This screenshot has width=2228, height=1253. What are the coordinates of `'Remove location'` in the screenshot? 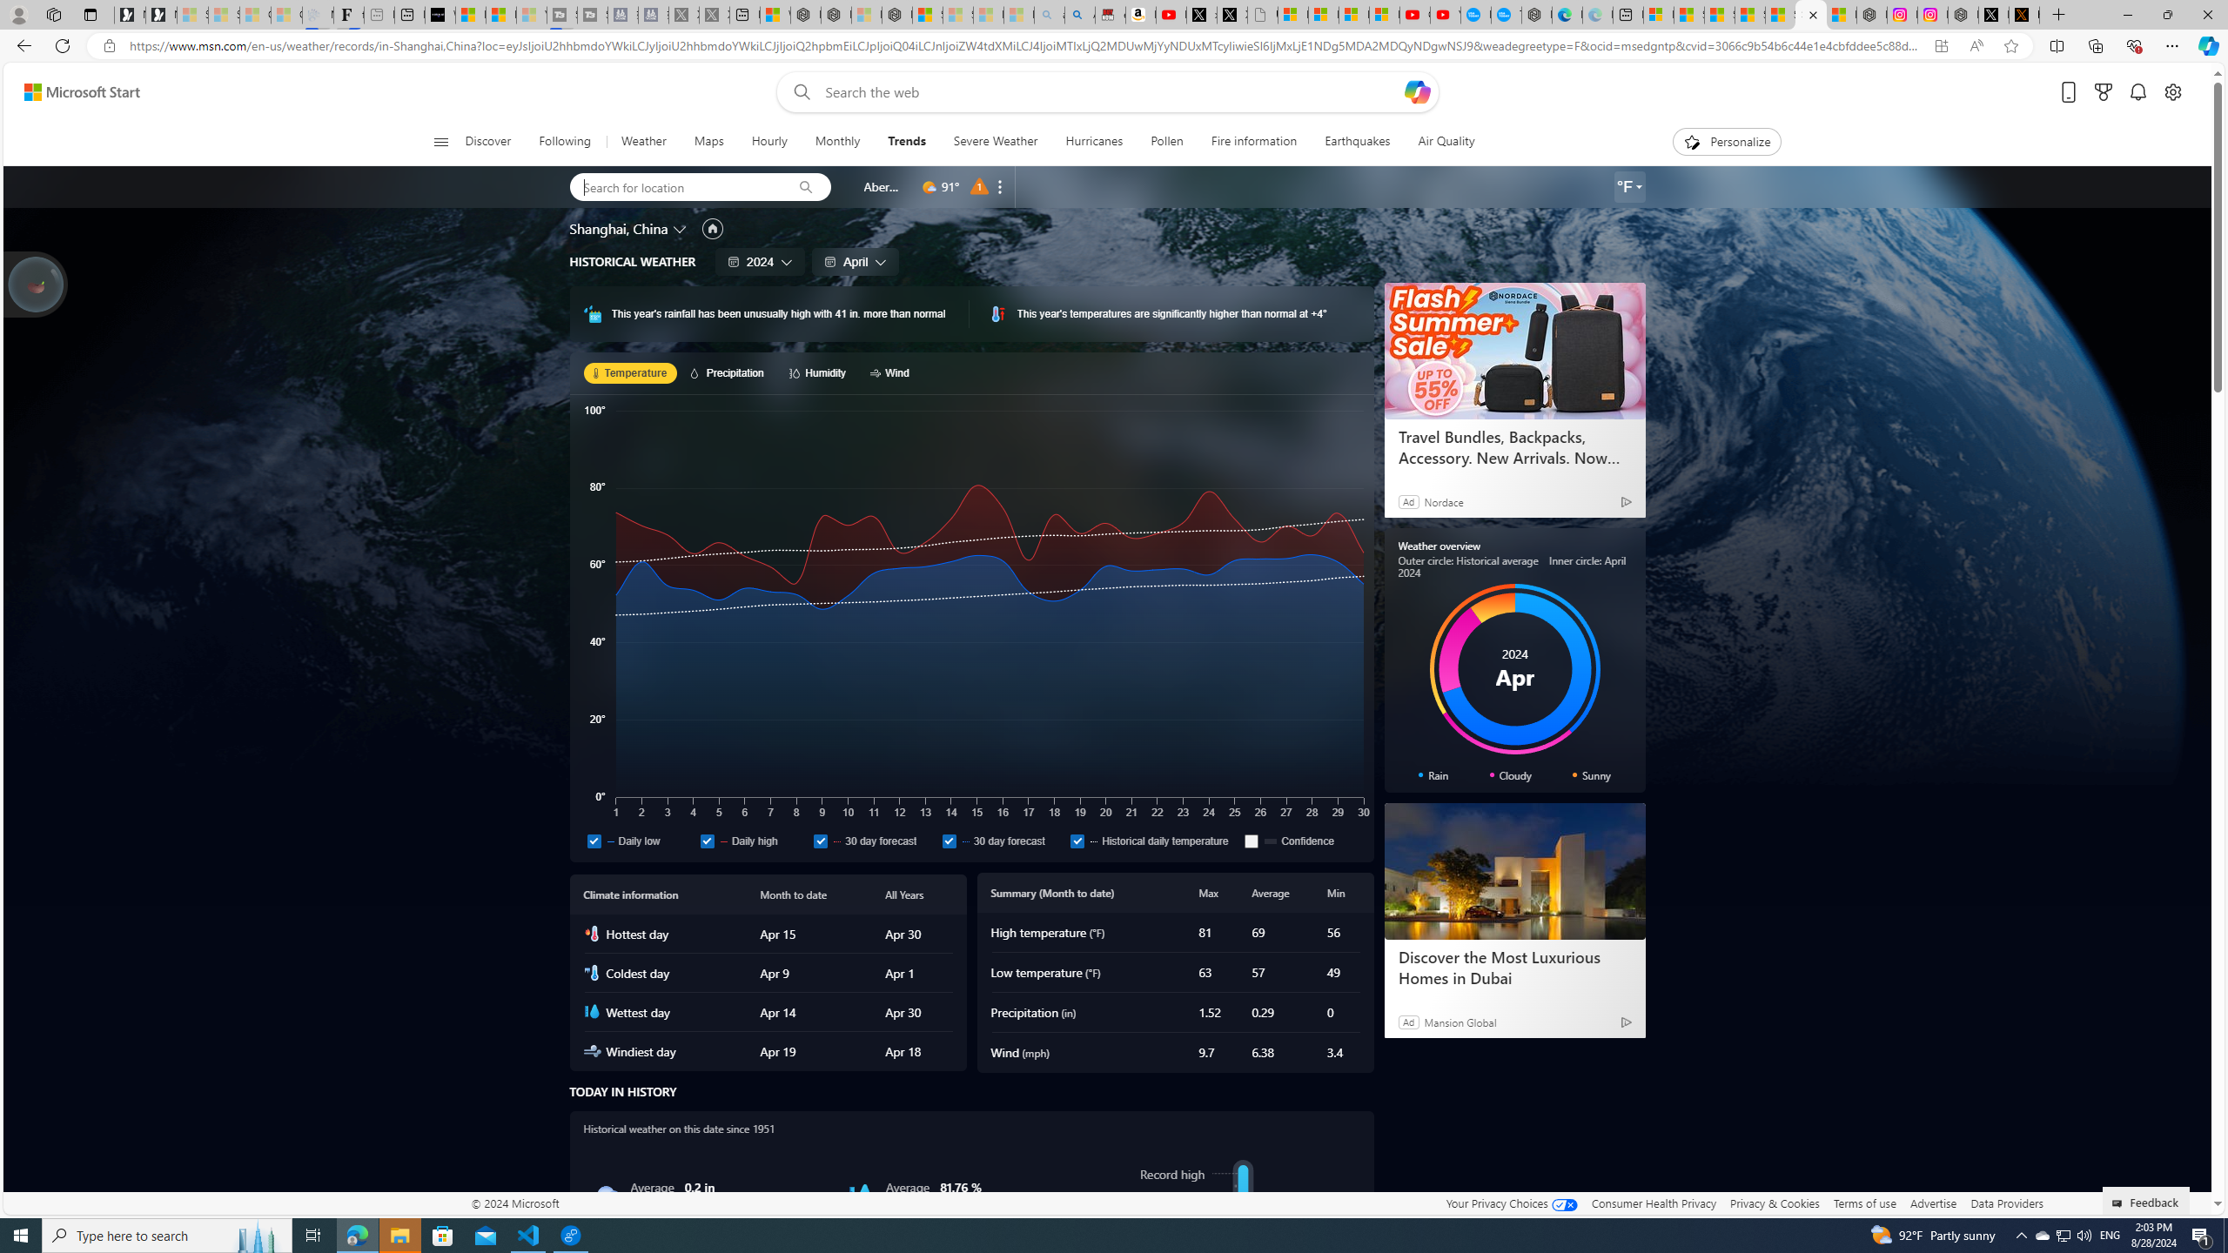 It's located at (1000, 186).